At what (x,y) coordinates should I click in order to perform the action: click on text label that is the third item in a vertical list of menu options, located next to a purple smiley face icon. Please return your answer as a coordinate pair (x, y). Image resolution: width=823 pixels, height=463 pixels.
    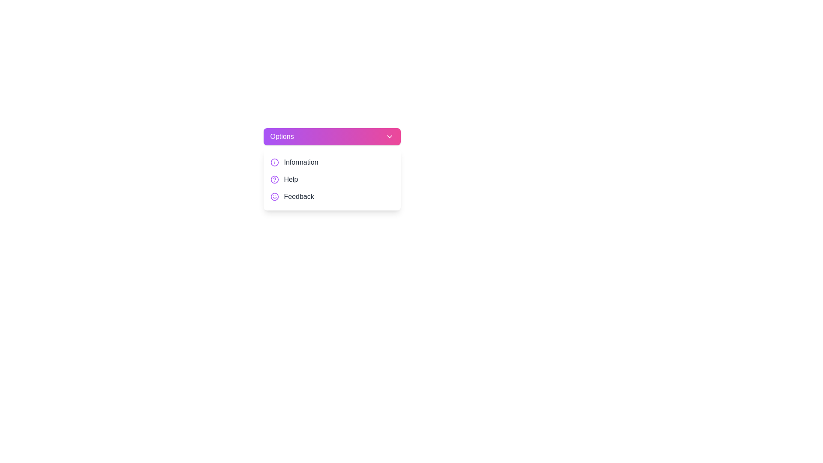
    Looking at the image, I should click on (299, 197).